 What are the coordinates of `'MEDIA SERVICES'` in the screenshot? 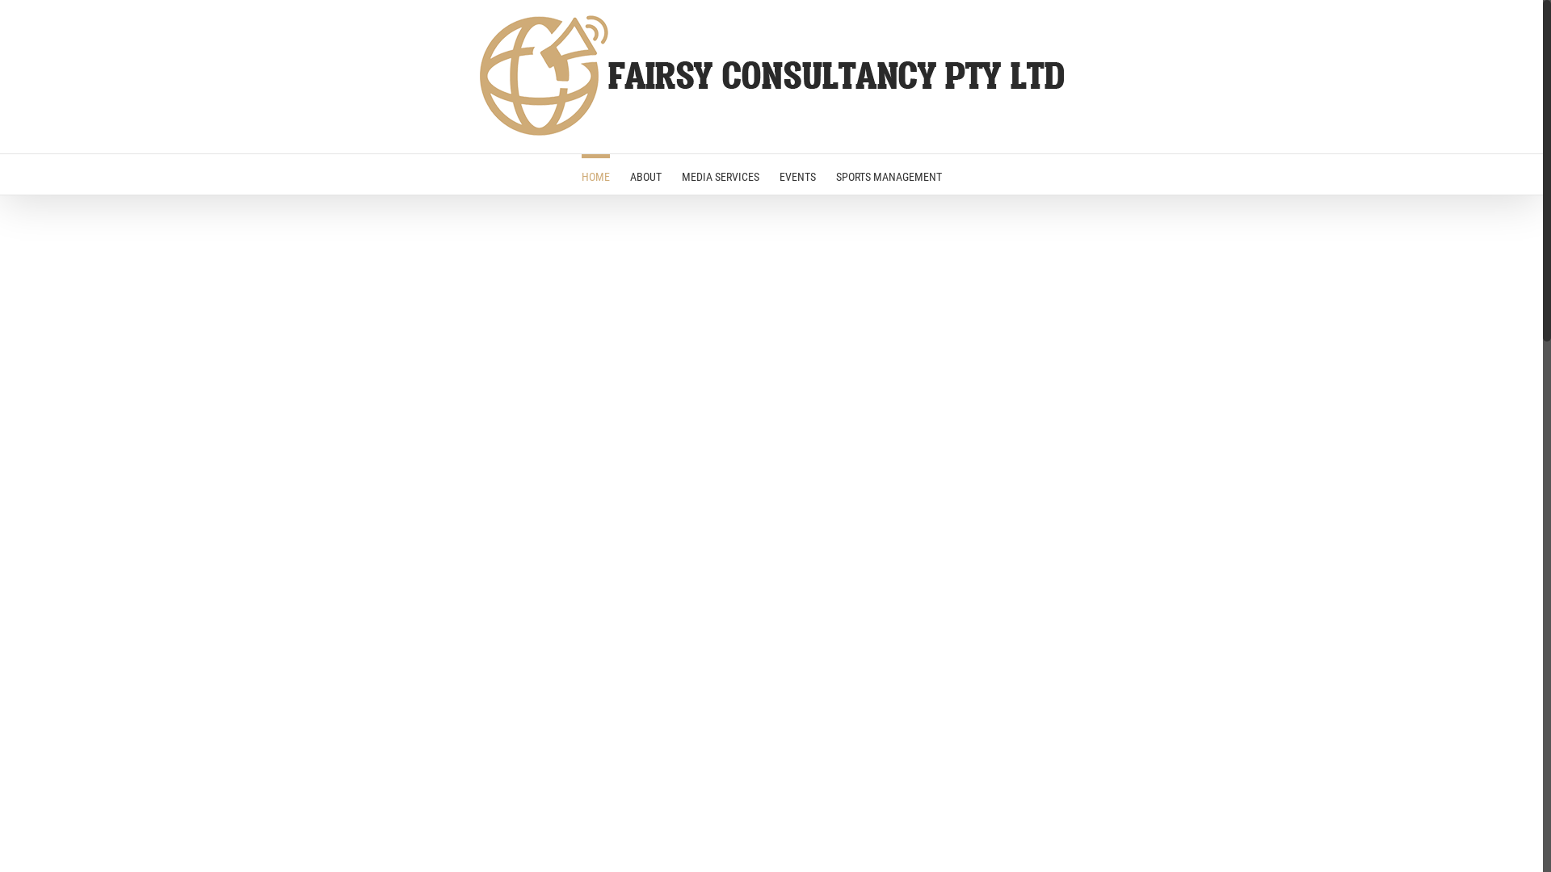 It's located at (720, 174).